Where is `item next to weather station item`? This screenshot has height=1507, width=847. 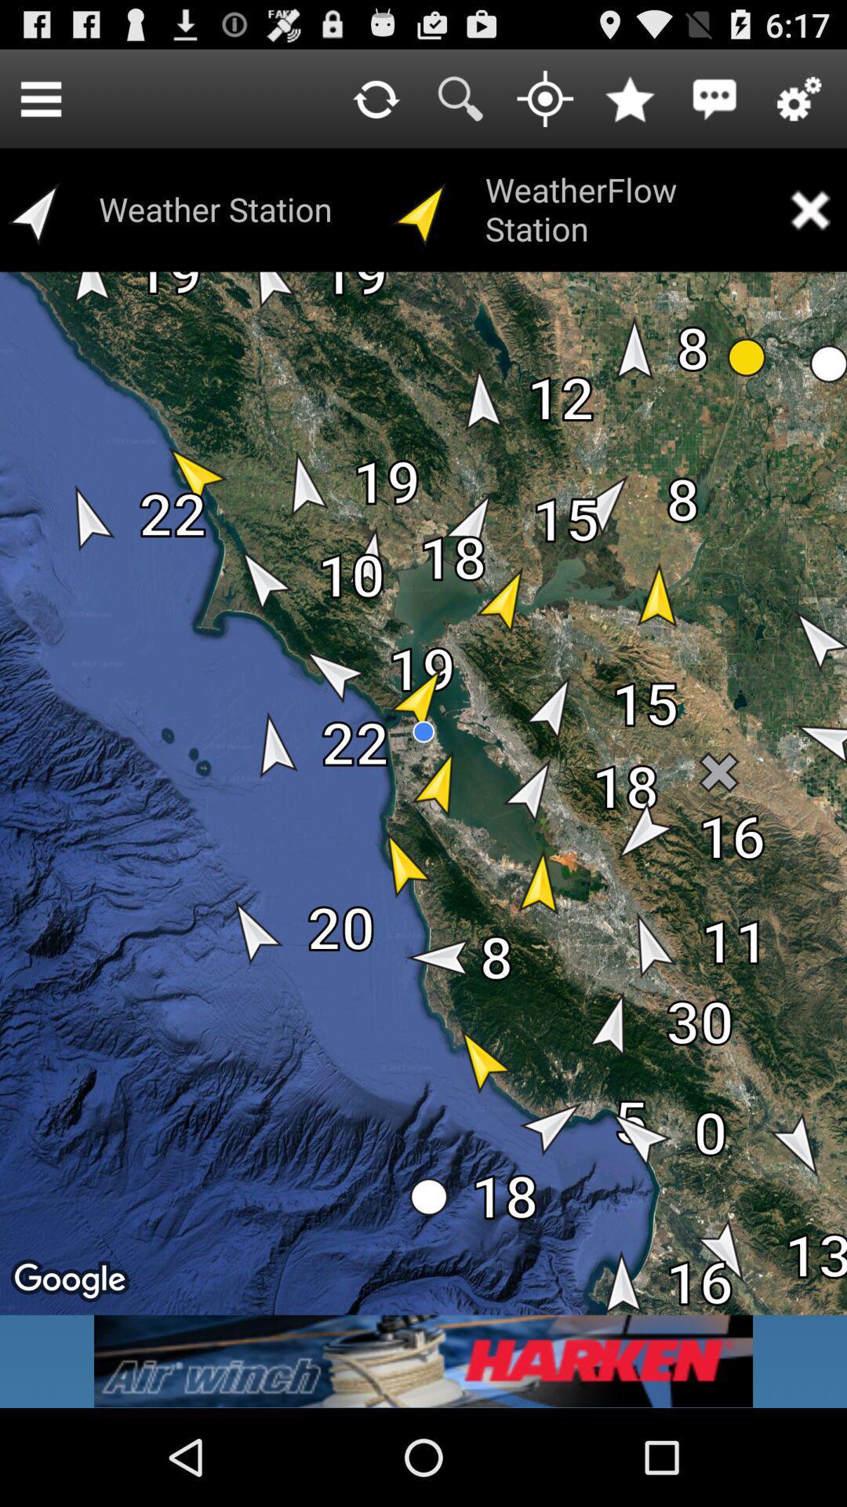 item next to weather station item is located at coordinates (40, 97).